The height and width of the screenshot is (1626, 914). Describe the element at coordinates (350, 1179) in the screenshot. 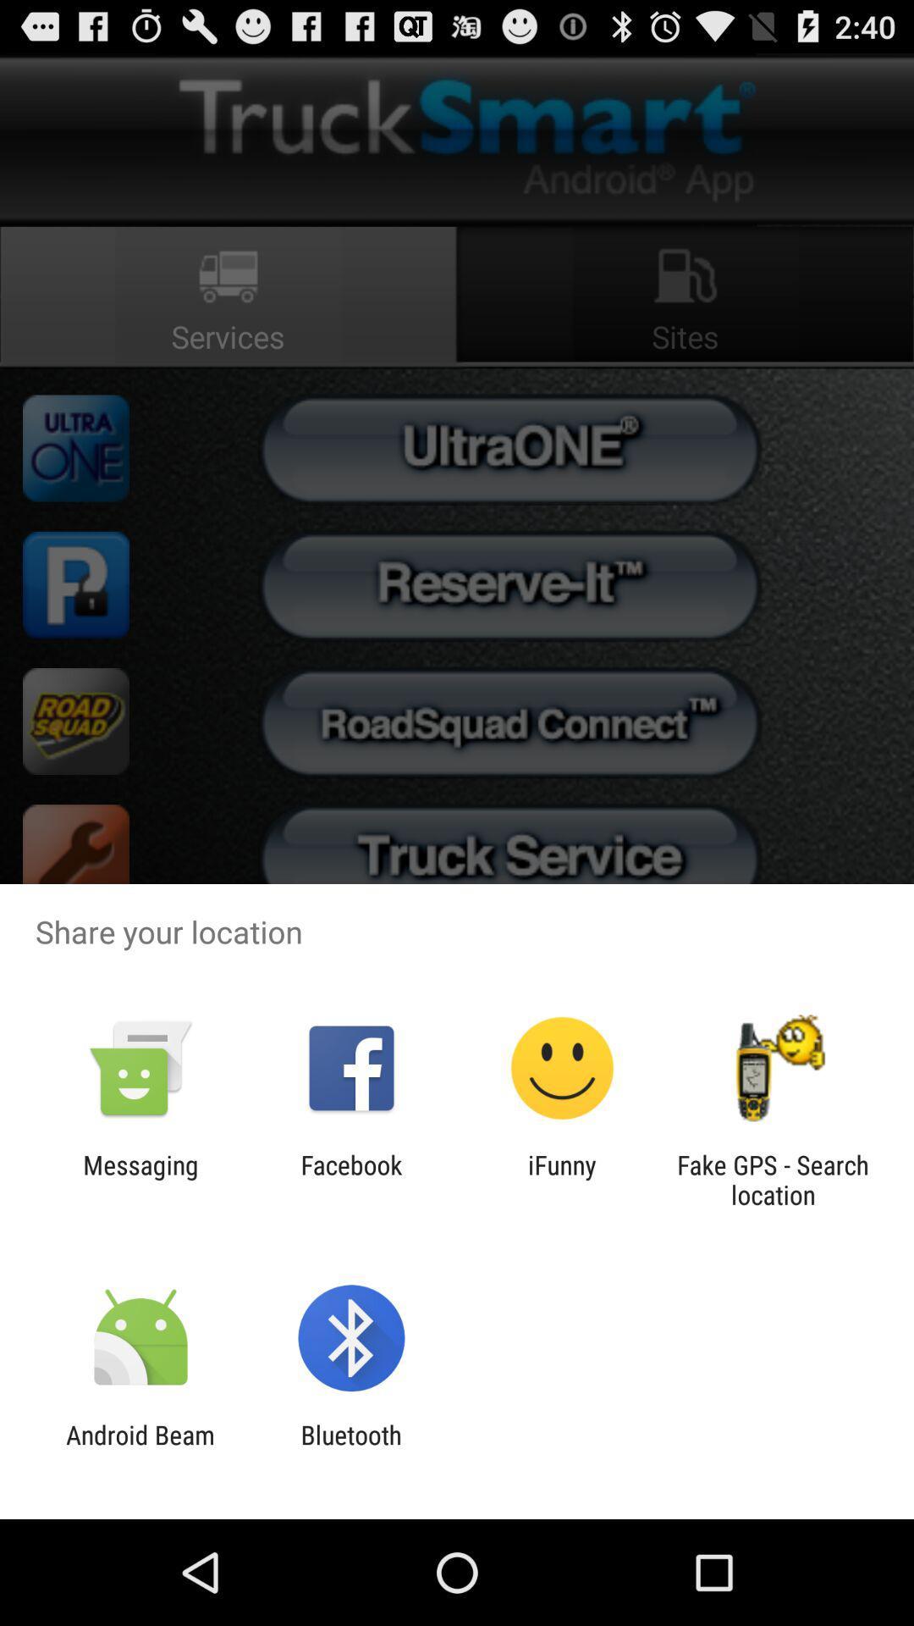

I see `the item to the left of the ifunny item` at that location.